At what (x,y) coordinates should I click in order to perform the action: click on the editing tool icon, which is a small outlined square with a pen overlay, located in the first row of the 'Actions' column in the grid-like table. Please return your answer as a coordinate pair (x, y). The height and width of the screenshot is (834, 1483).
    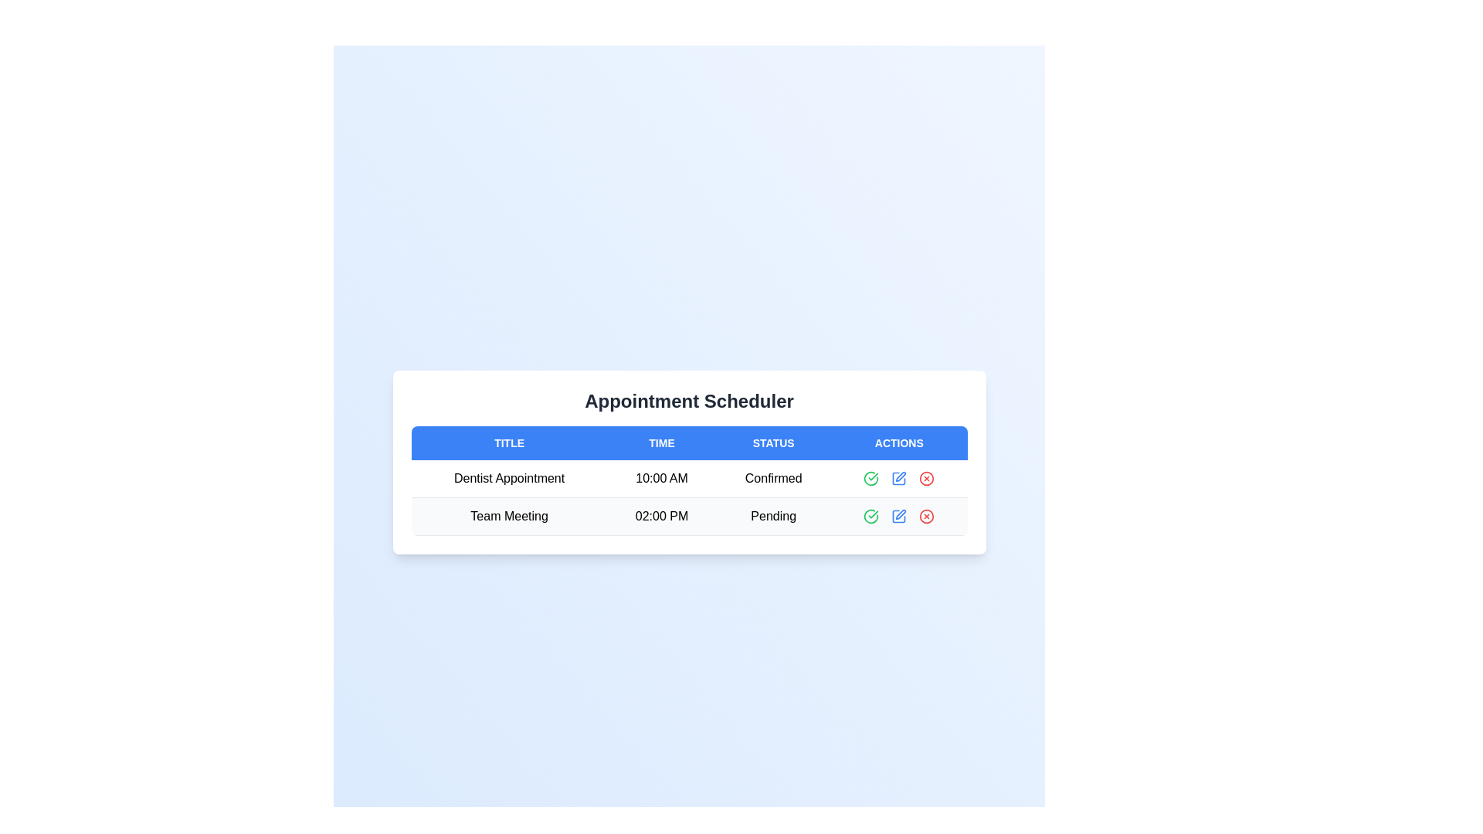
    Looking at the image, I should click on (899, 478).